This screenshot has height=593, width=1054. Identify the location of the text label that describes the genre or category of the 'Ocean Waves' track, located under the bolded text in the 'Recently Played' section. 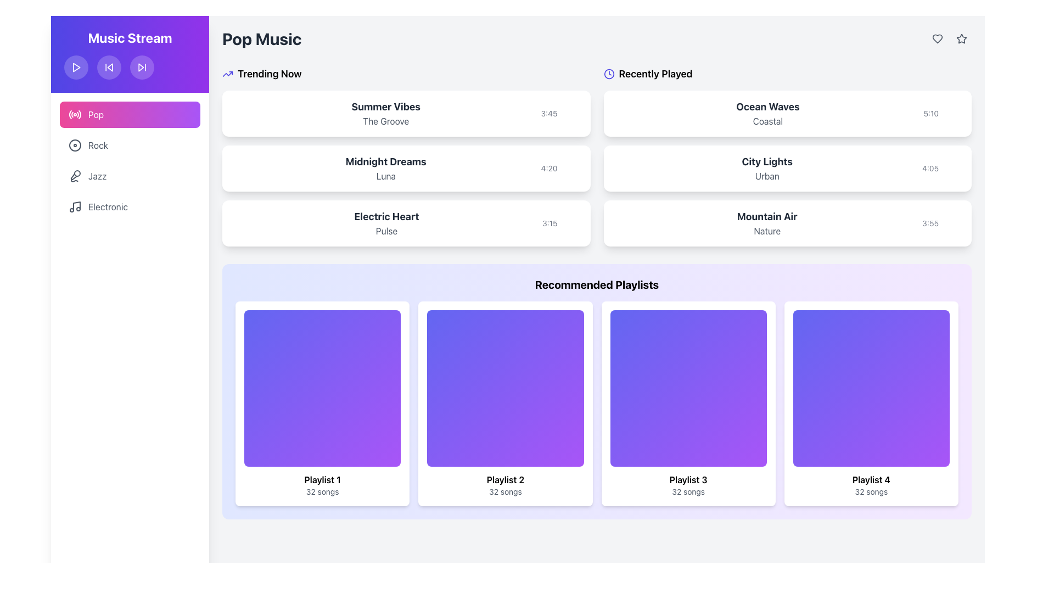
(767, 121).